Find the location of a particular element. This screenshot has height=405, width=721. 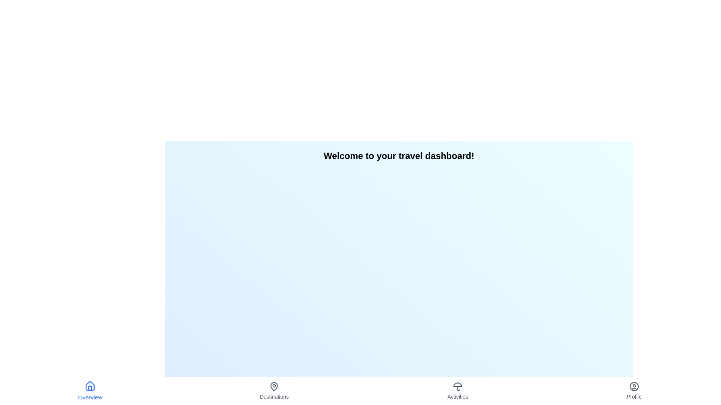

the 'Profile' button, which features a user's profile icon and the label 'Profile' beneath it, to trigger the color change effect is located at coordinates (634, 390).